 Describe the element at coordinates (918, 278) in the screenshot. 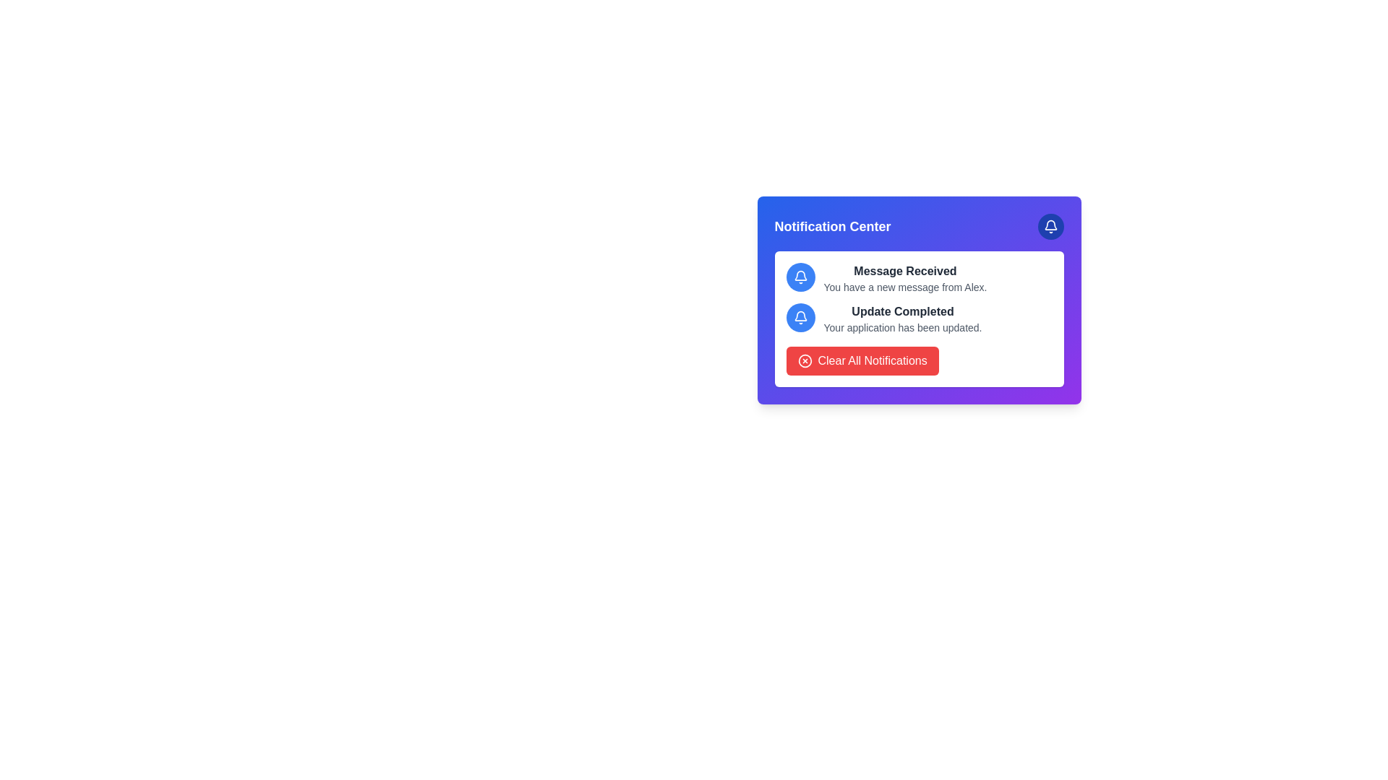

I see `the first notification element displaying 'Message Received' with the blue bell icon and supporting text about a new message from Alex` at that location.